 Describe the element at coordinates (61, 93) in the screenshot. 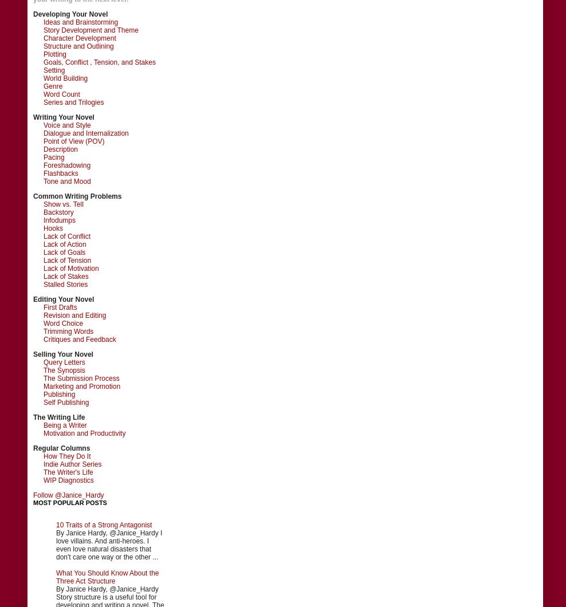

I see `'Word Count'` at that location.